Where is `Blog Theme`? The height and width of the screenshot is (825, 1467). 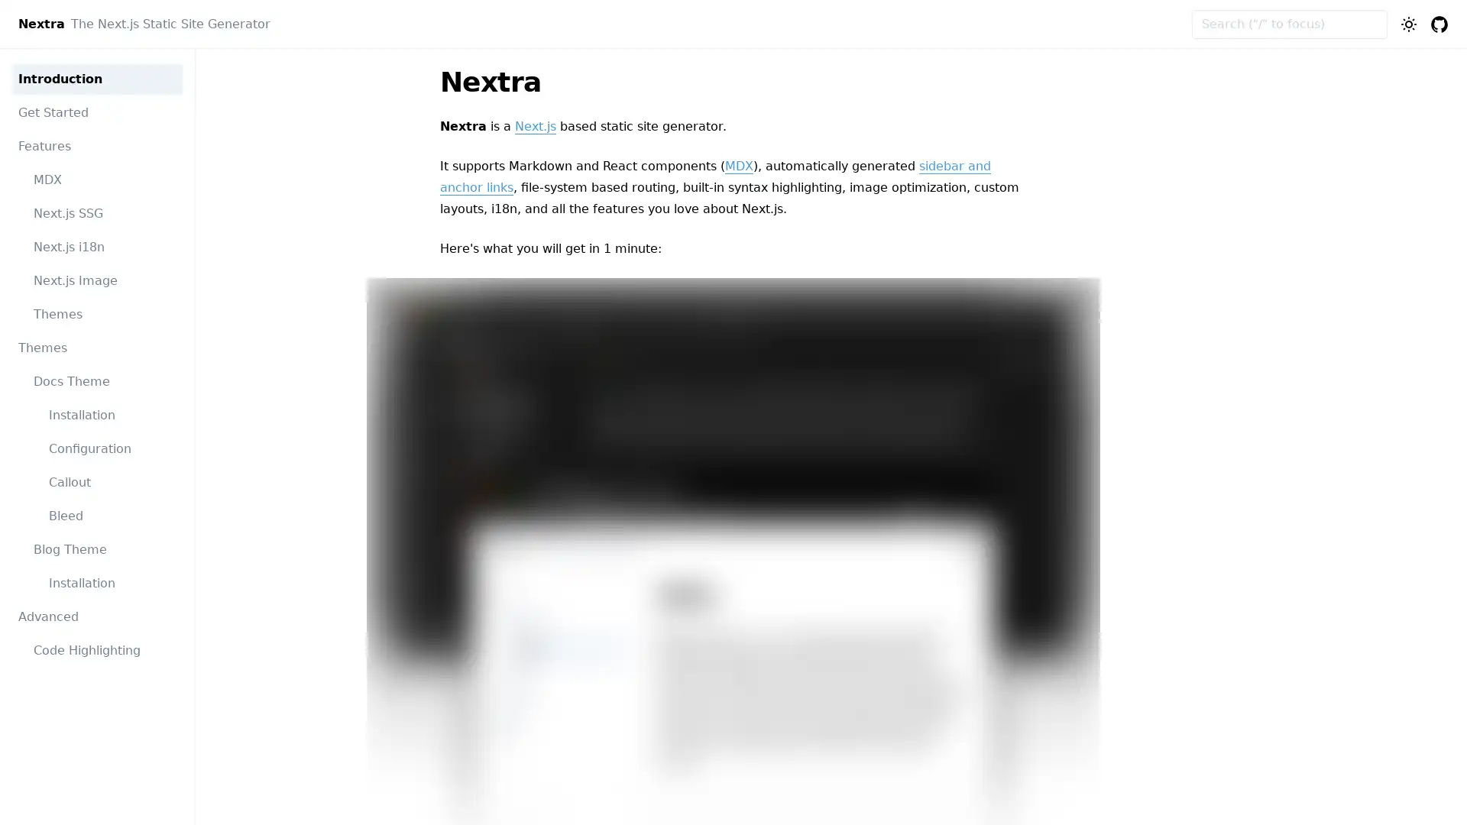 Blog Theme is located at coordinates (104, 550).